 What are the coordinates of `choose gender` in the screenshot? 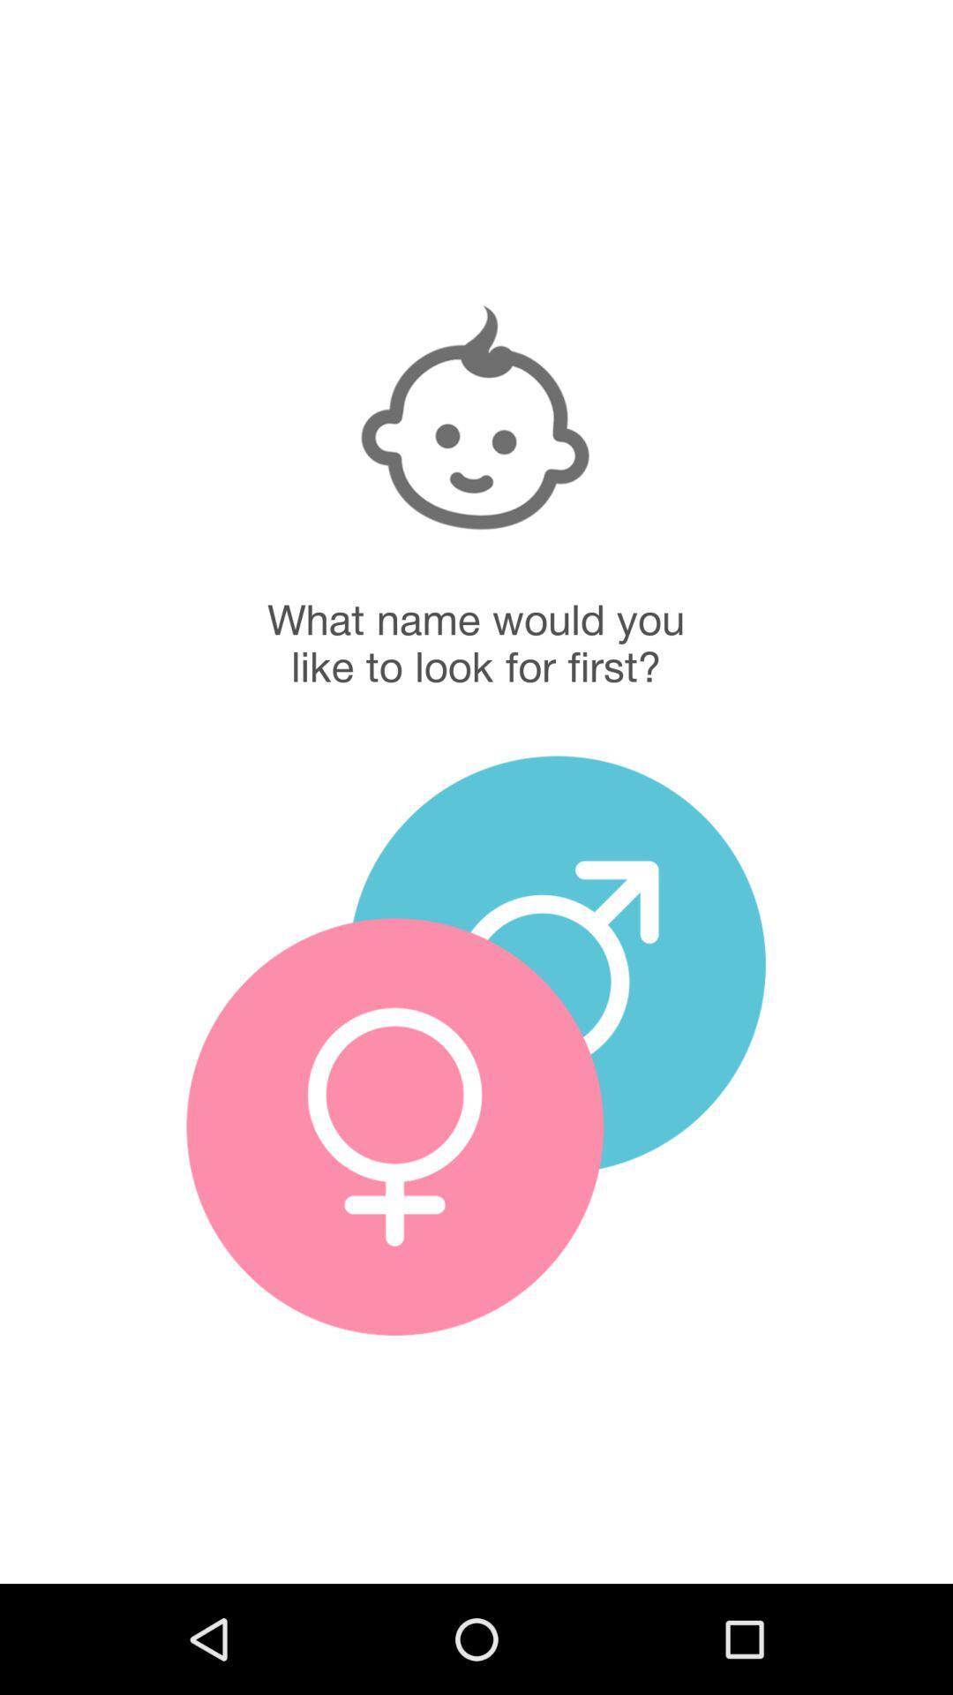 It's located at (557, 963).